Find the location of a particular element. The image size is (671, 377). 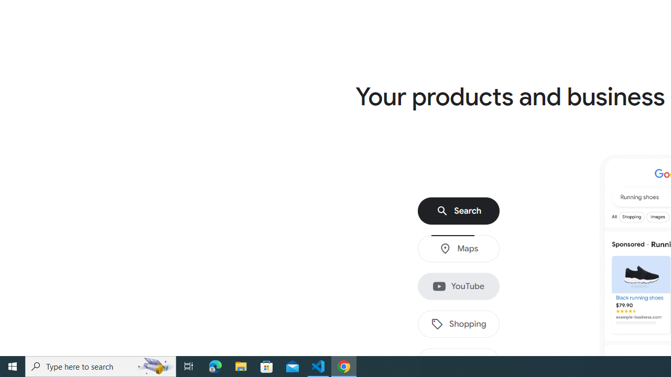

'File Explorer' is located at coordinates (241, 365).